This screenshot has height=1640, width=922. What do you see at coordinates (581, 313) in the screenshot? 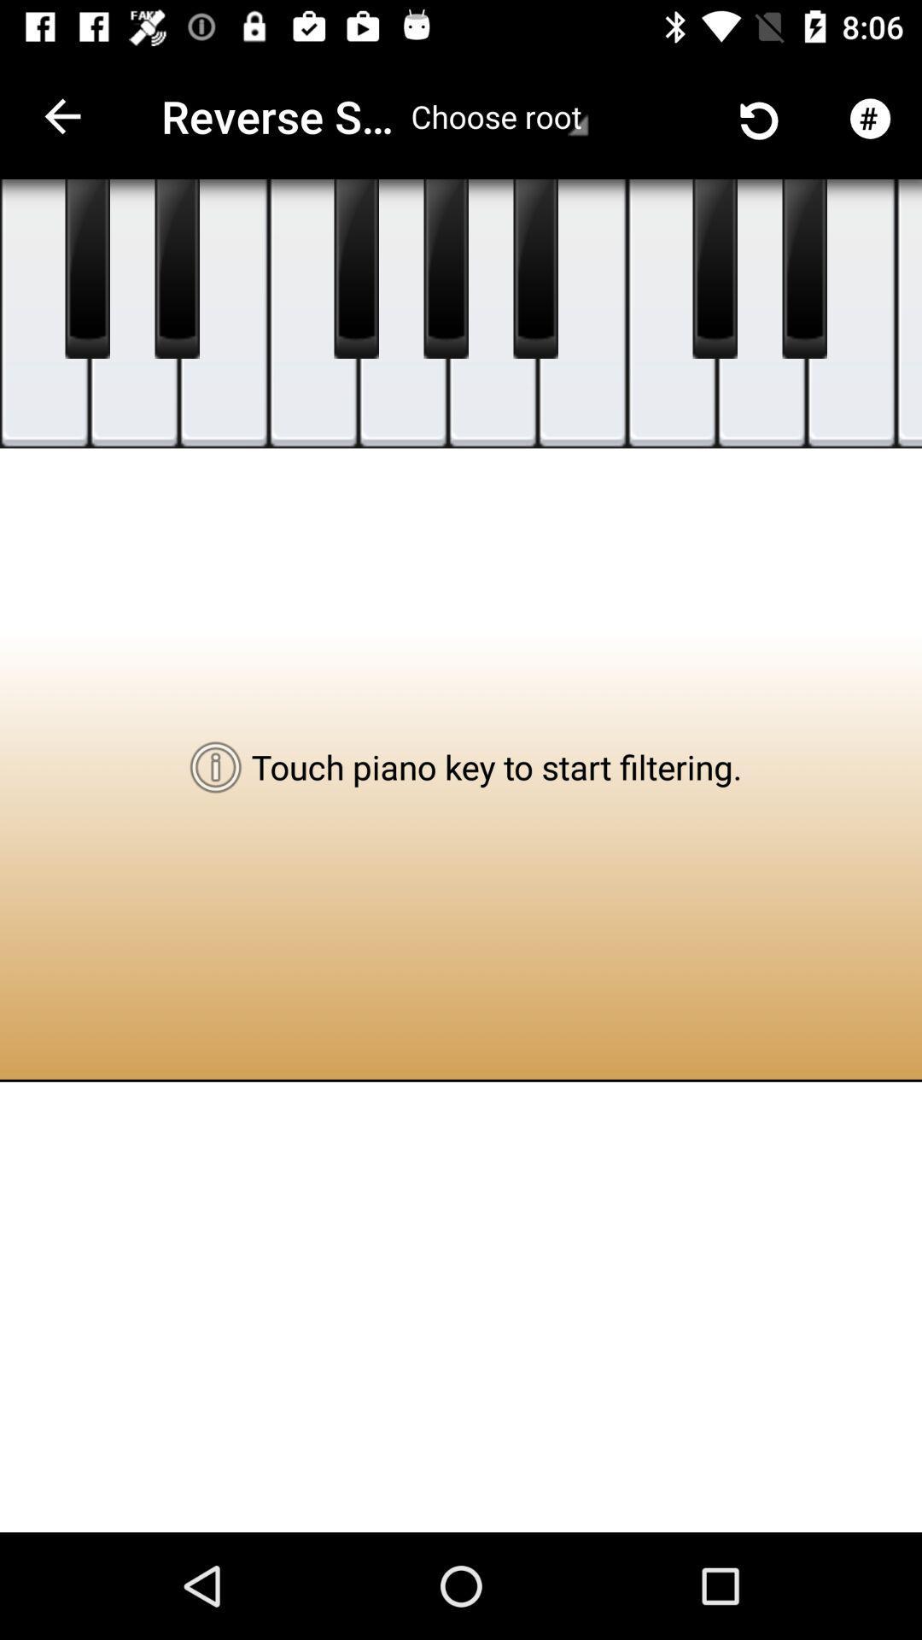
I see `piano keys` at bounding box center [581, 313].